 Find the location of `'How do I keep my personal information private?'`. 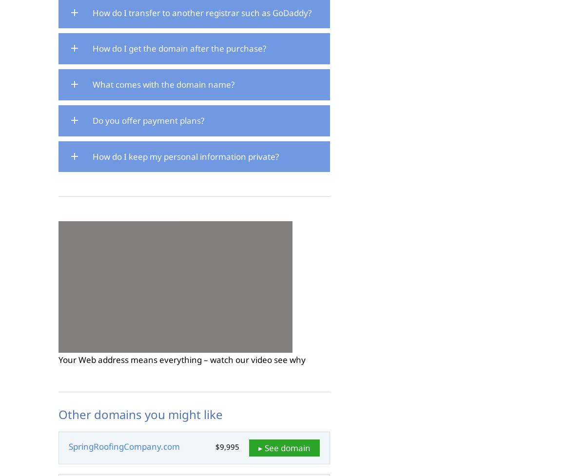

'How do I keep my personal information private?' is located at coordinates (186, 155).